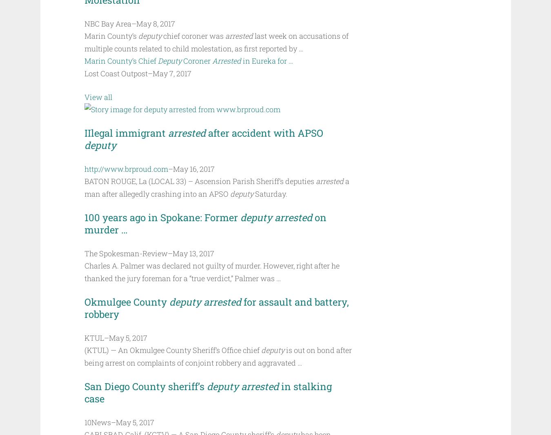  What do you see at coordinates (125, 168) in the screenshot?
I see `'http://www.brproud.com'` at bounding box center [125, 168].